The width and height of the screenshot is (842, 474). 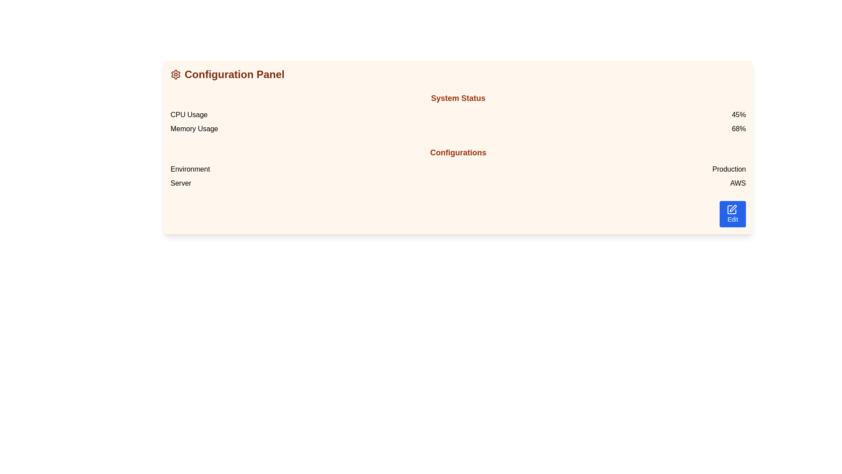 I want to click on the 'Edit' button located in the bottom-right section of the configuration panel, which contains a decorative vector graphic indicating its purpose, so click(x=732, y=210).